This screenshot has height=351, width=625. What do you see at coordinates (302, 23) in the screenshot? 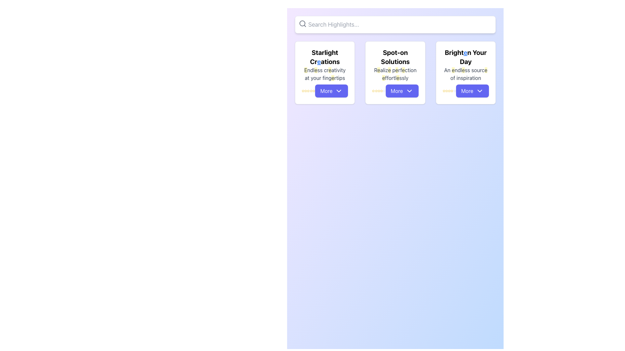
I see `the search icon located on the left side of the input box labeled 'Search Highlights...' to indicate its purpose as a search field` at bounding box center [302, 23].